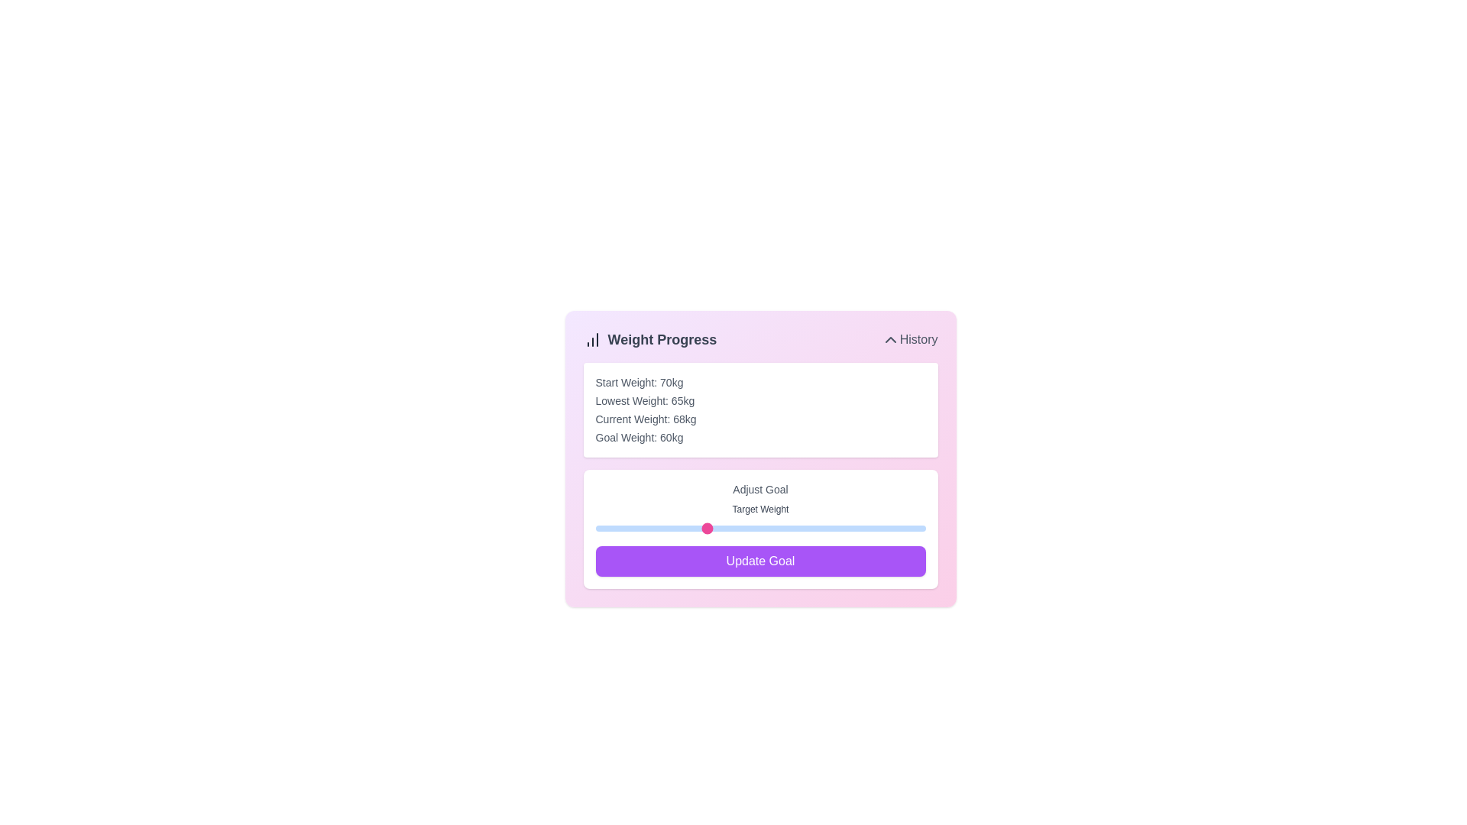 The width and height of the screenshot is (1467, 825). What do you see at coordinates (909, 338) in the screenshot?
I see `the 'History' button to toggle the visibility of the history section` at bounding box center [909, 338].